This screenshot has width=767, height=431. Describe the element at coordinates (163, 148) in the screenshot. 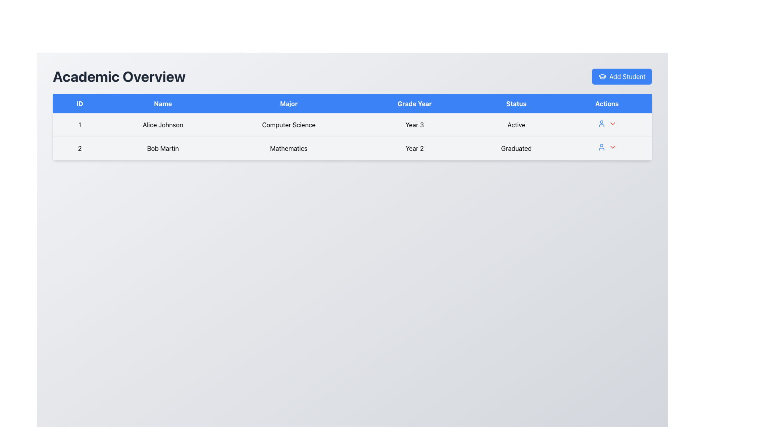

I see `the static text label displaying the name 'Bob Martin' in the second column of the second row of the table, which identifies the entry with ID 2` at that location.